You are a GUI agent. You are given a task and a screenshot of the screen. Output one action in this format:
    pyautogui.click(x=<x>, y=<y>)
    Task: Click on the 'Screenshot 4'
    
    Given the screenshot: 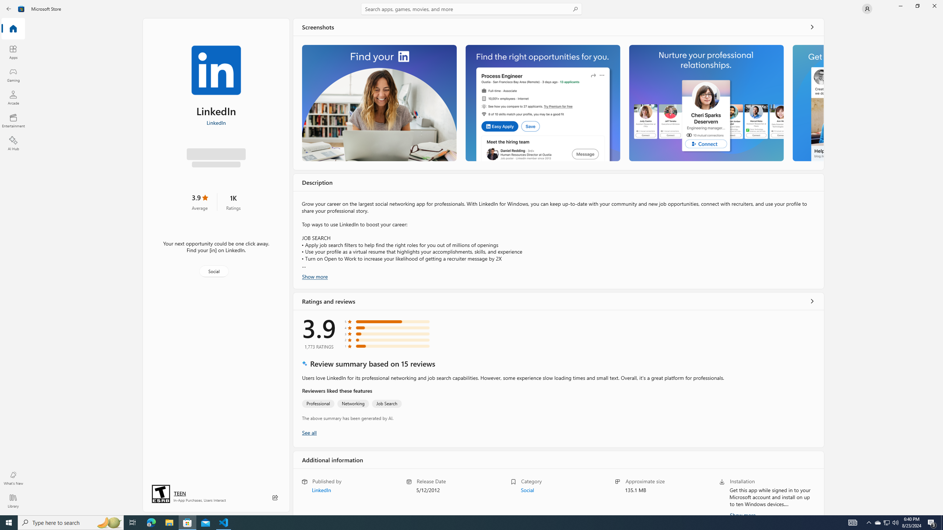 What is the action you would take?
    pyautogui.click(x=807, y=103)
    